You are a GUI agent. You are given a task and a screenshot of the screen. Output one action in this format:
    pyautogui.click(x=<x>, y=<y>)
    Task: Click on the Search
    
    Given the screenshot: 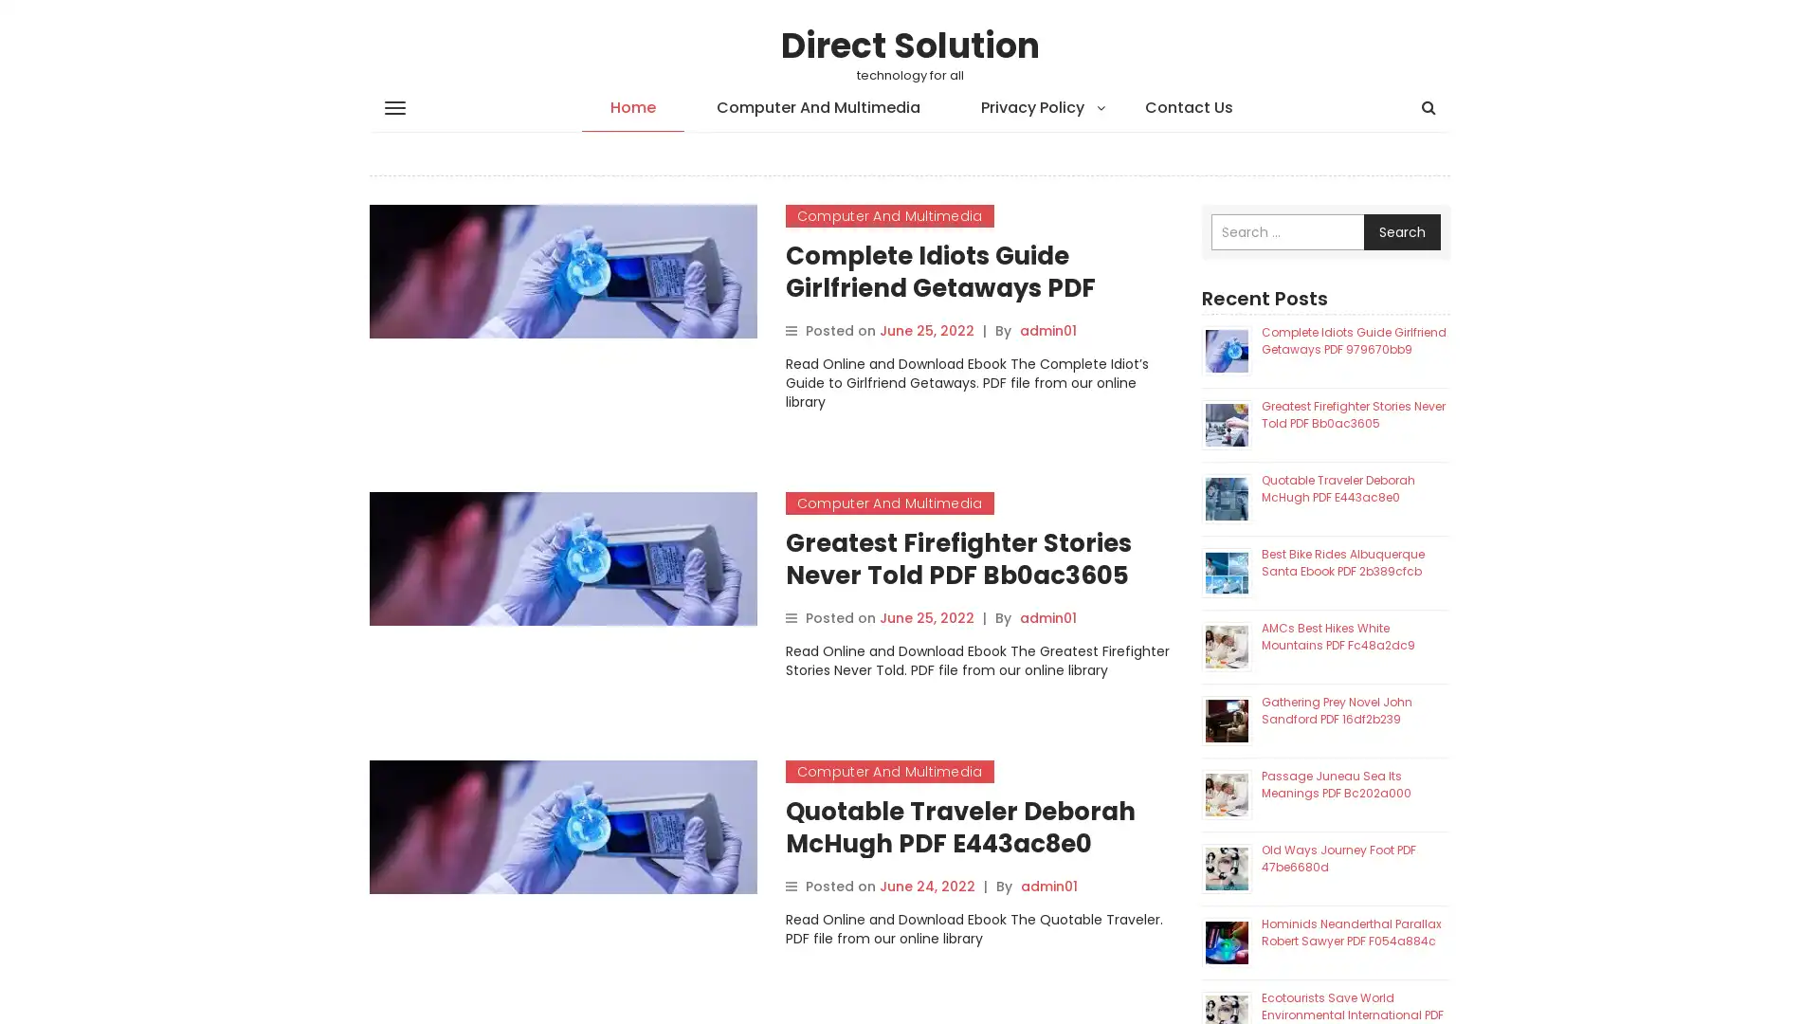 What is the action you would take?
    pyautogui.click(x=1402, y=231)
    